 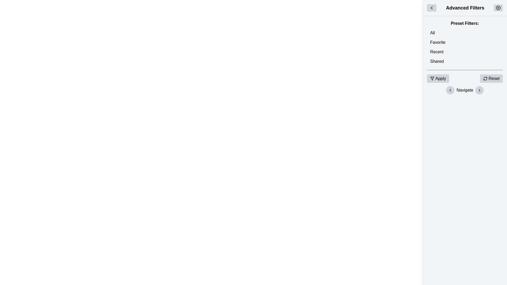 What do you see at coordinates (485, 78) in the screenshot?
I see `the refresh icon located on the left side of the 'Reset' button, which is situated below the 'Preset Filters' heading on the right side of the interface` at bounding box center [485, 78].